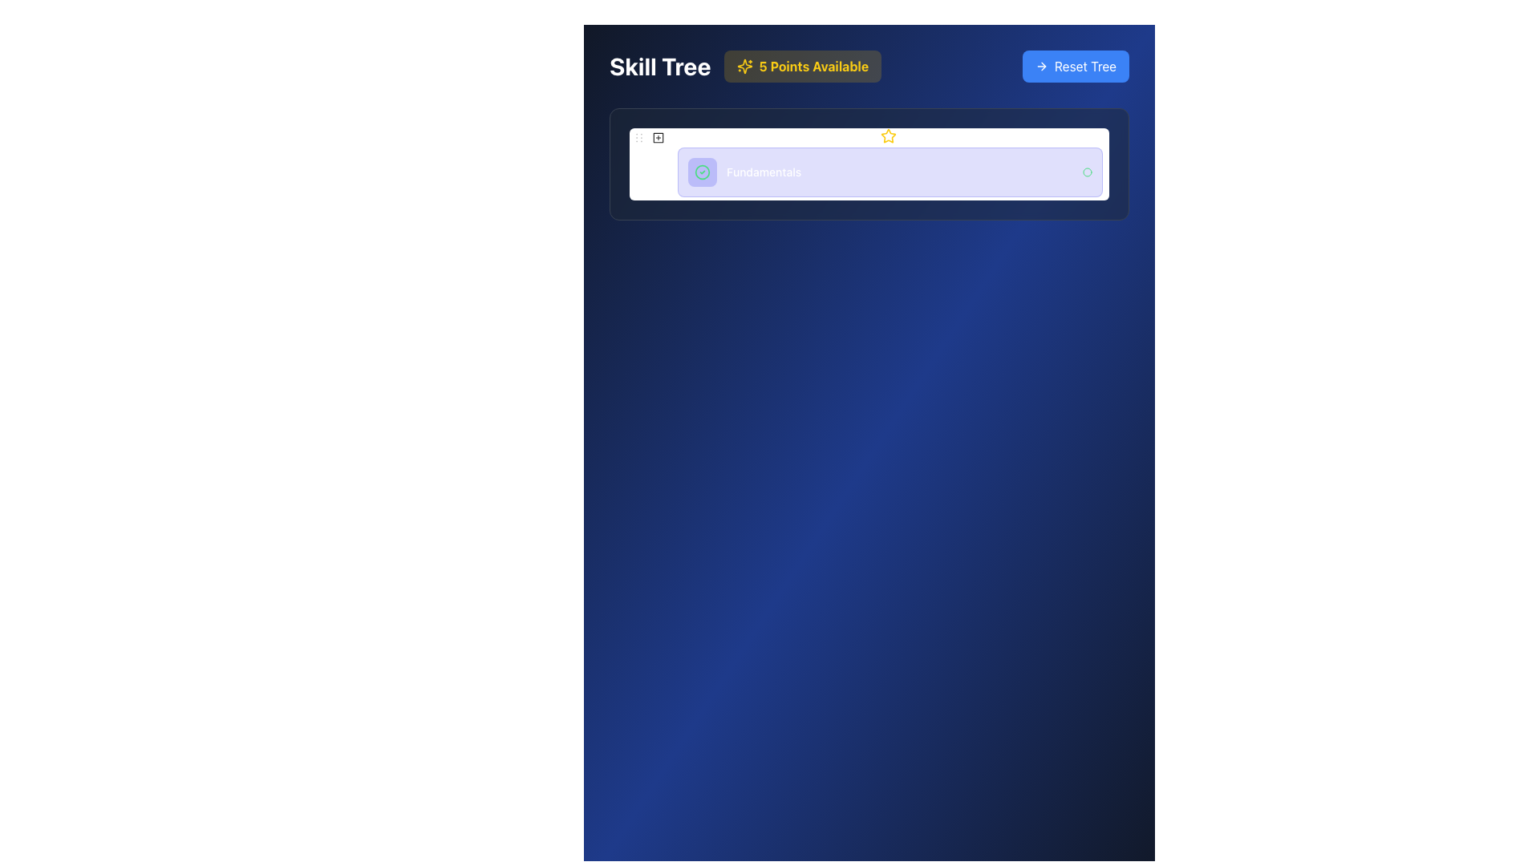 This screenshot has width=1540, height=866. I want to click on the circular shape within the illustrative icon that is part of a checkmark icon, located to the left of the 'Fundamentals' text on a light purple background, so click(702, 172).